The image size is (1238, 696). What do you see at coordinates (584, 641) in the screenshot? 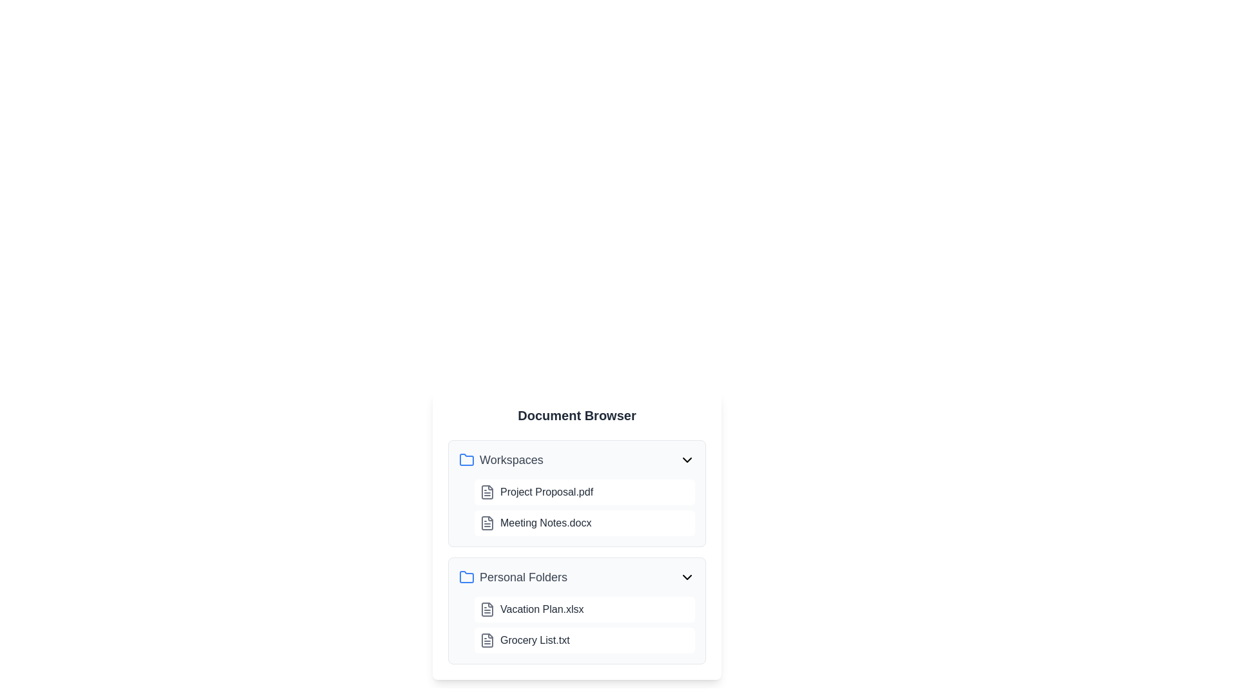
I see `the list item for the file 'Grocery List.txt' located in the 'Personal Folders' section of the Document Browser` at bounding box center [584, 641].